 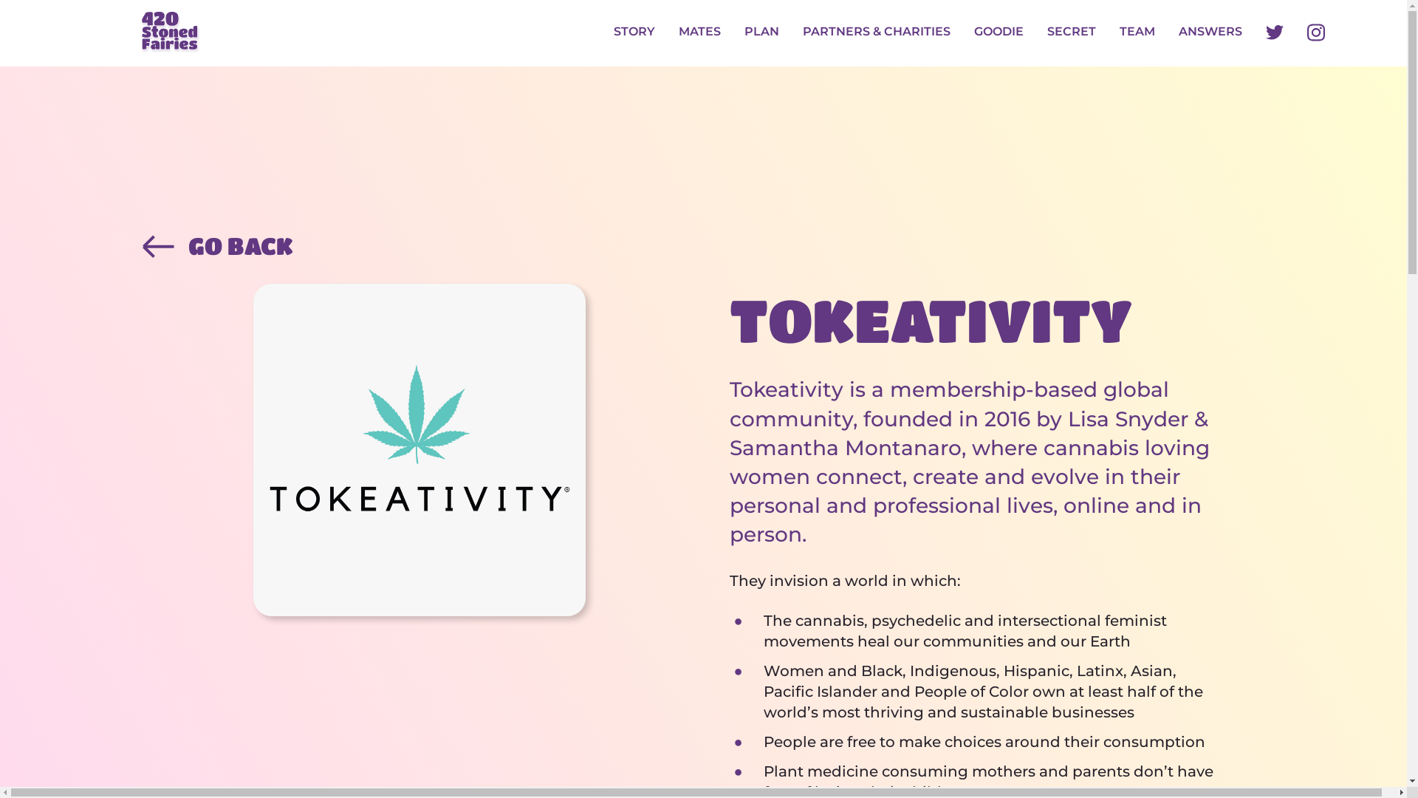 I want to click on 'PLAN', so click(x=761, y=33).